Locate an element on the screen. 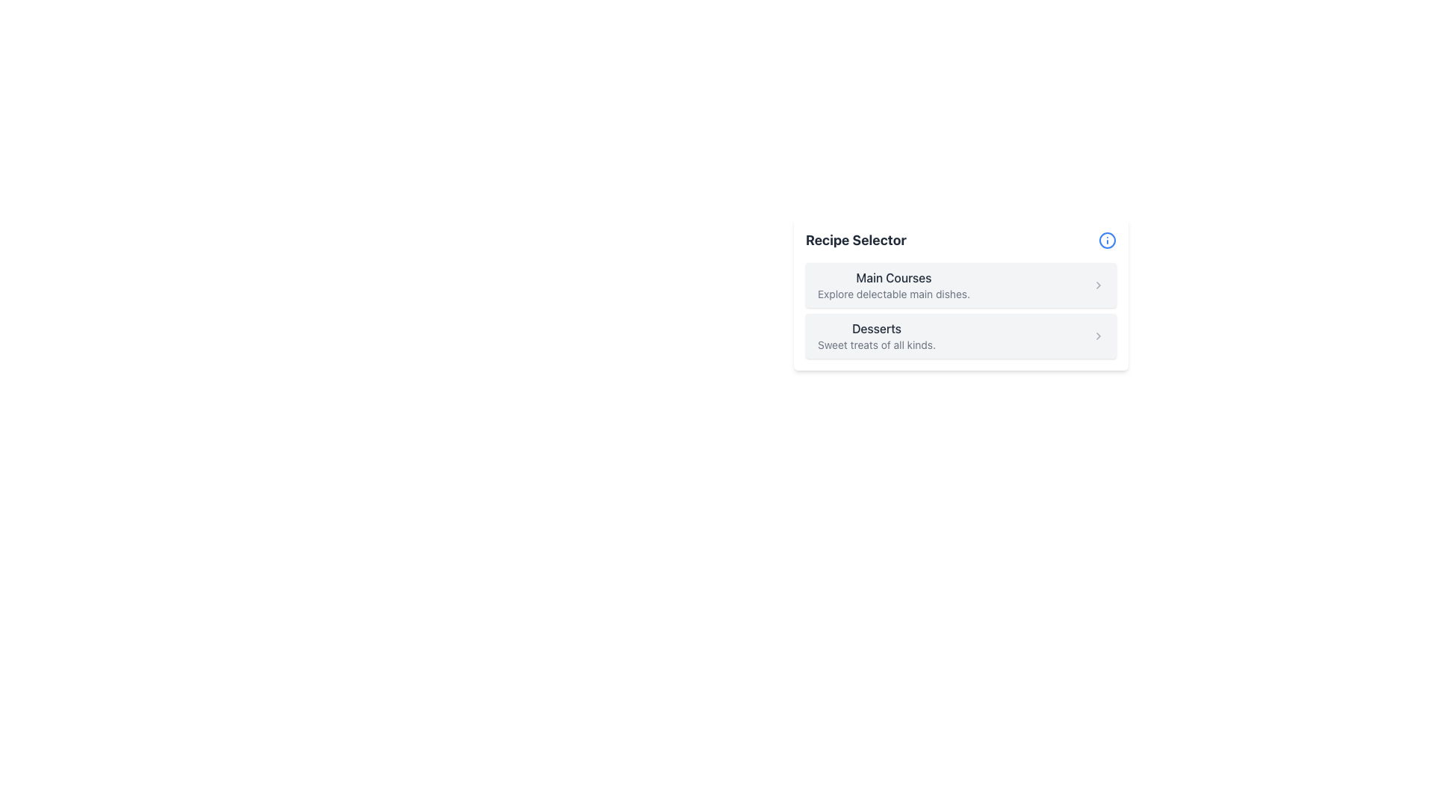 This screenshot has height=807, width=1434. the Text label that serves as a title for the desserts section in the Recipe Selector, which is located above a smaller text explaining 'Sweet treats of all kinds.' is located at coordinates (877, 327).